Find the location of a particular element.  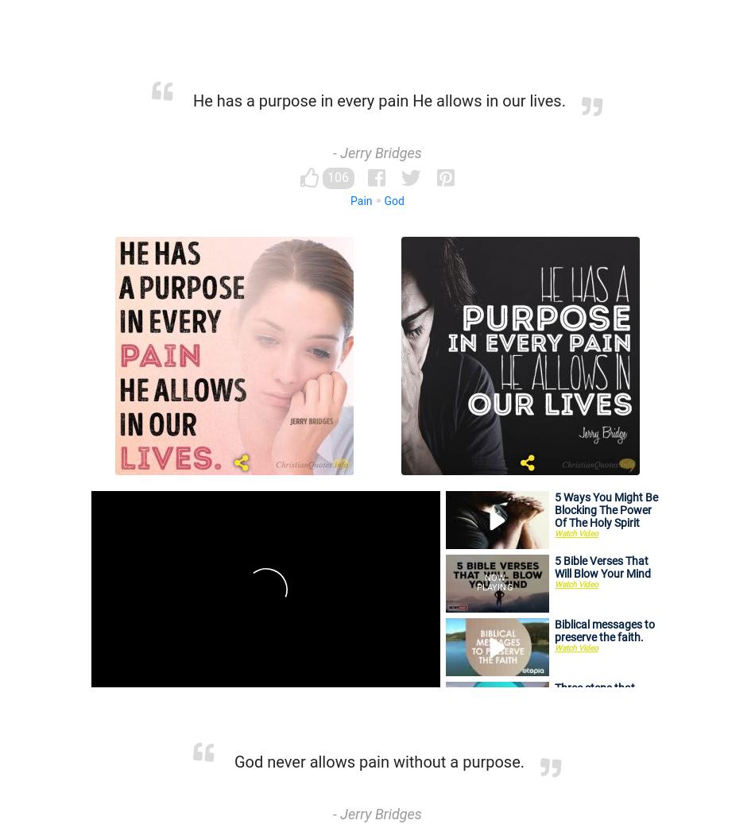

'Adversity' is located at coordinates (325, 47).